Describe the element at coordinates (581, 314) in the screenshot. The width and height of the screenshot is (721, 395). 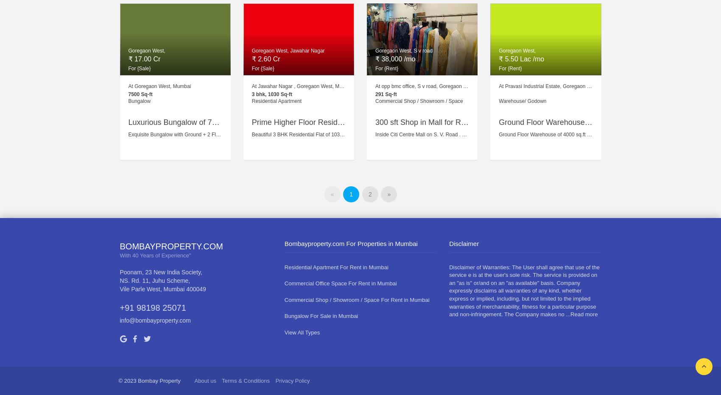
I see `'...Read more'` at that location.